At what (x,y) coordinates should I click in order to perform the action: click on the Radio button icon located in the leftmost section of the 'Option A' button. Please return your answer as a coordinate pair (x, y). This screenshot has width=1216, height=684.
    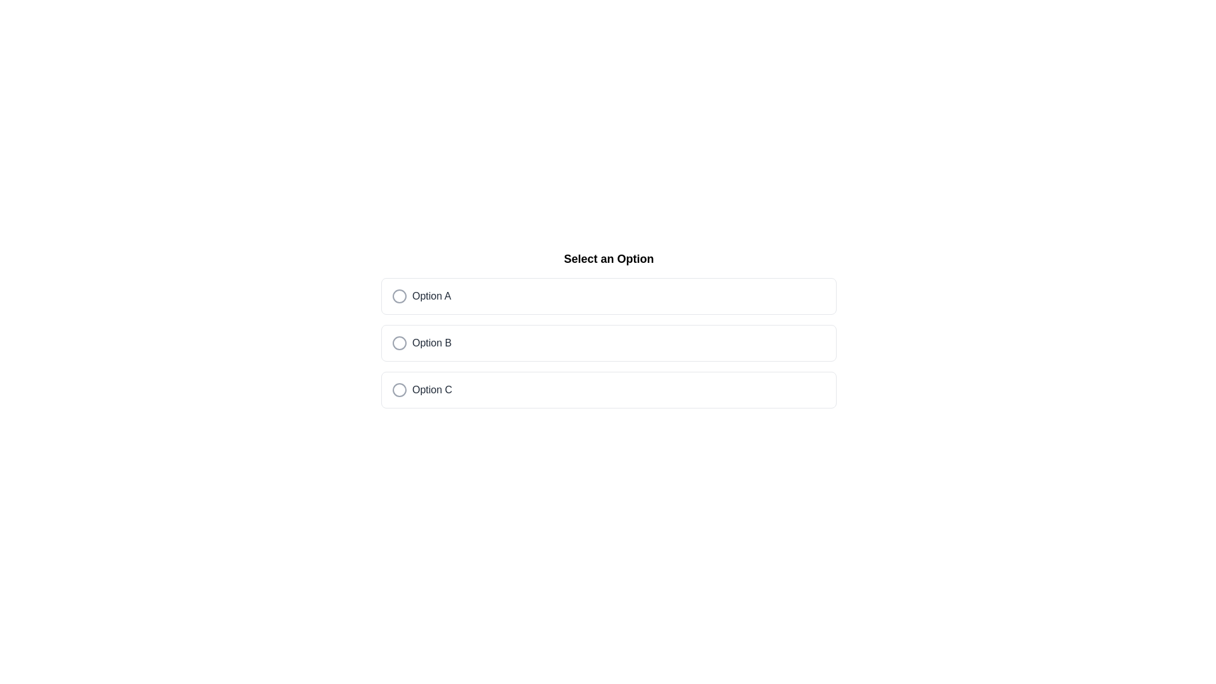
    Looking at the image, I should click on (398, 296).